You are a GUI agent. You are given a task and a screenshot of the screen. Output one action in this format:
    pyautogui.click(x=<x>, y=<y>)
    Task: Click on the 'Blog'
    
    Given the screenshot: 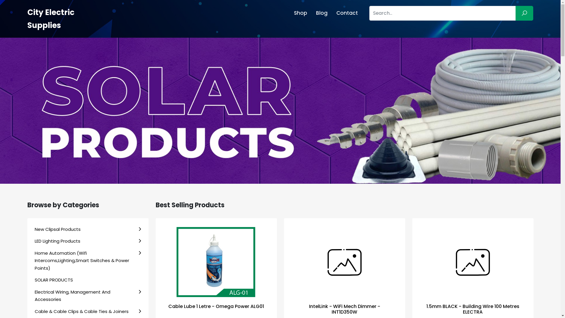 What is the action you would take?
    pyautogui.click(x=321, y=13)
    